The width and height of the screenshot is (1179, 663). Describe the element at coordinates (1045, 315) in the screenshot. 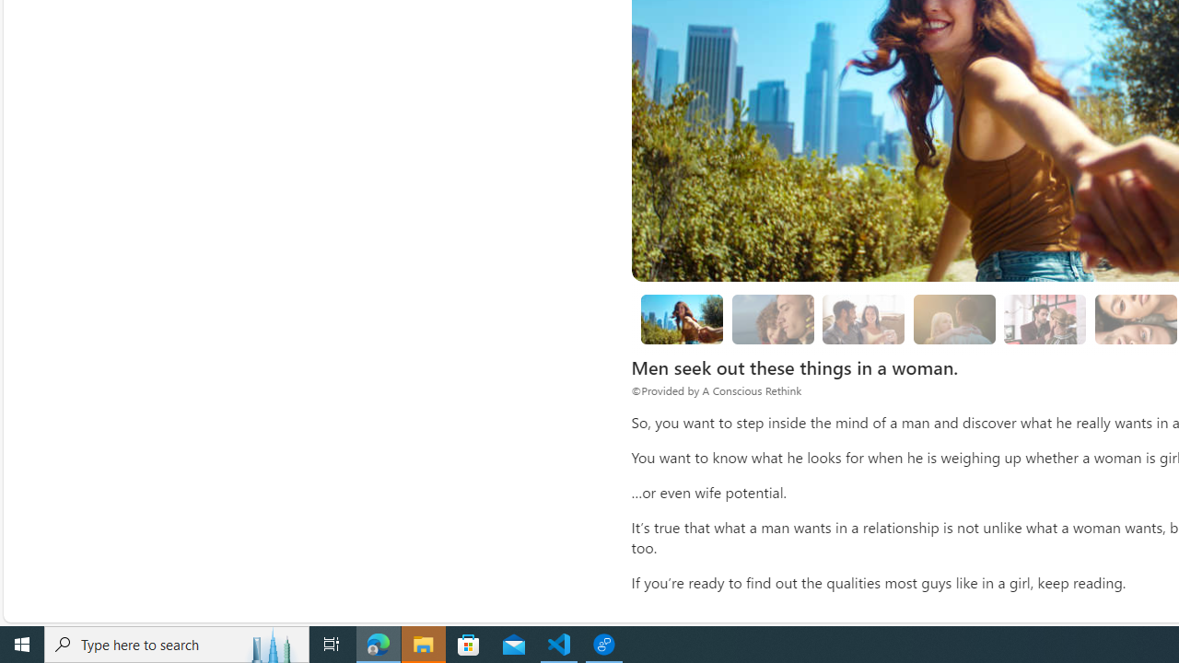

I see `'Class: progress'` at that location.